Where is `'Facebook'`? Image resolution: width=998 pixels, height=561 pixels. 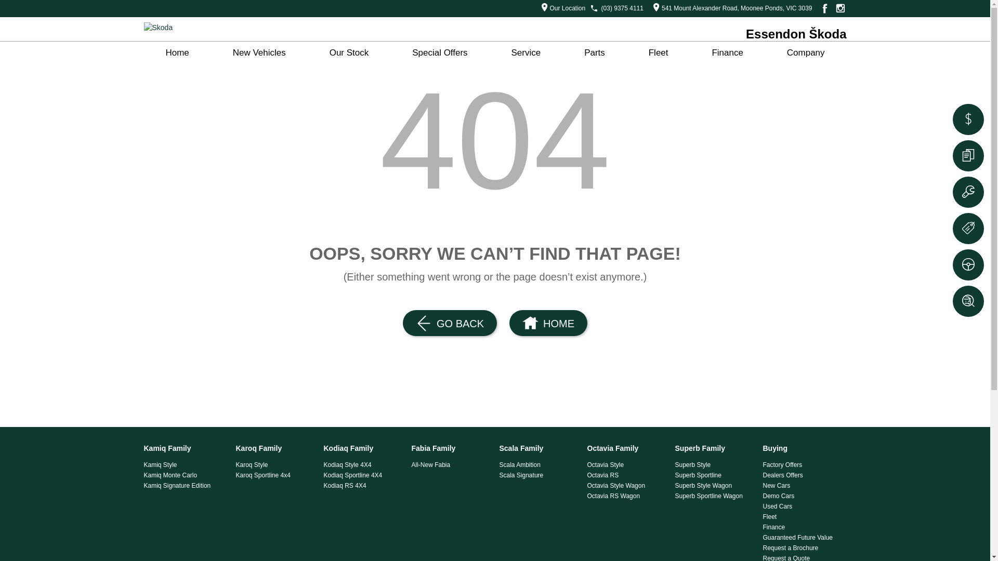 'Facebook' is located at coordinates (823, 8).